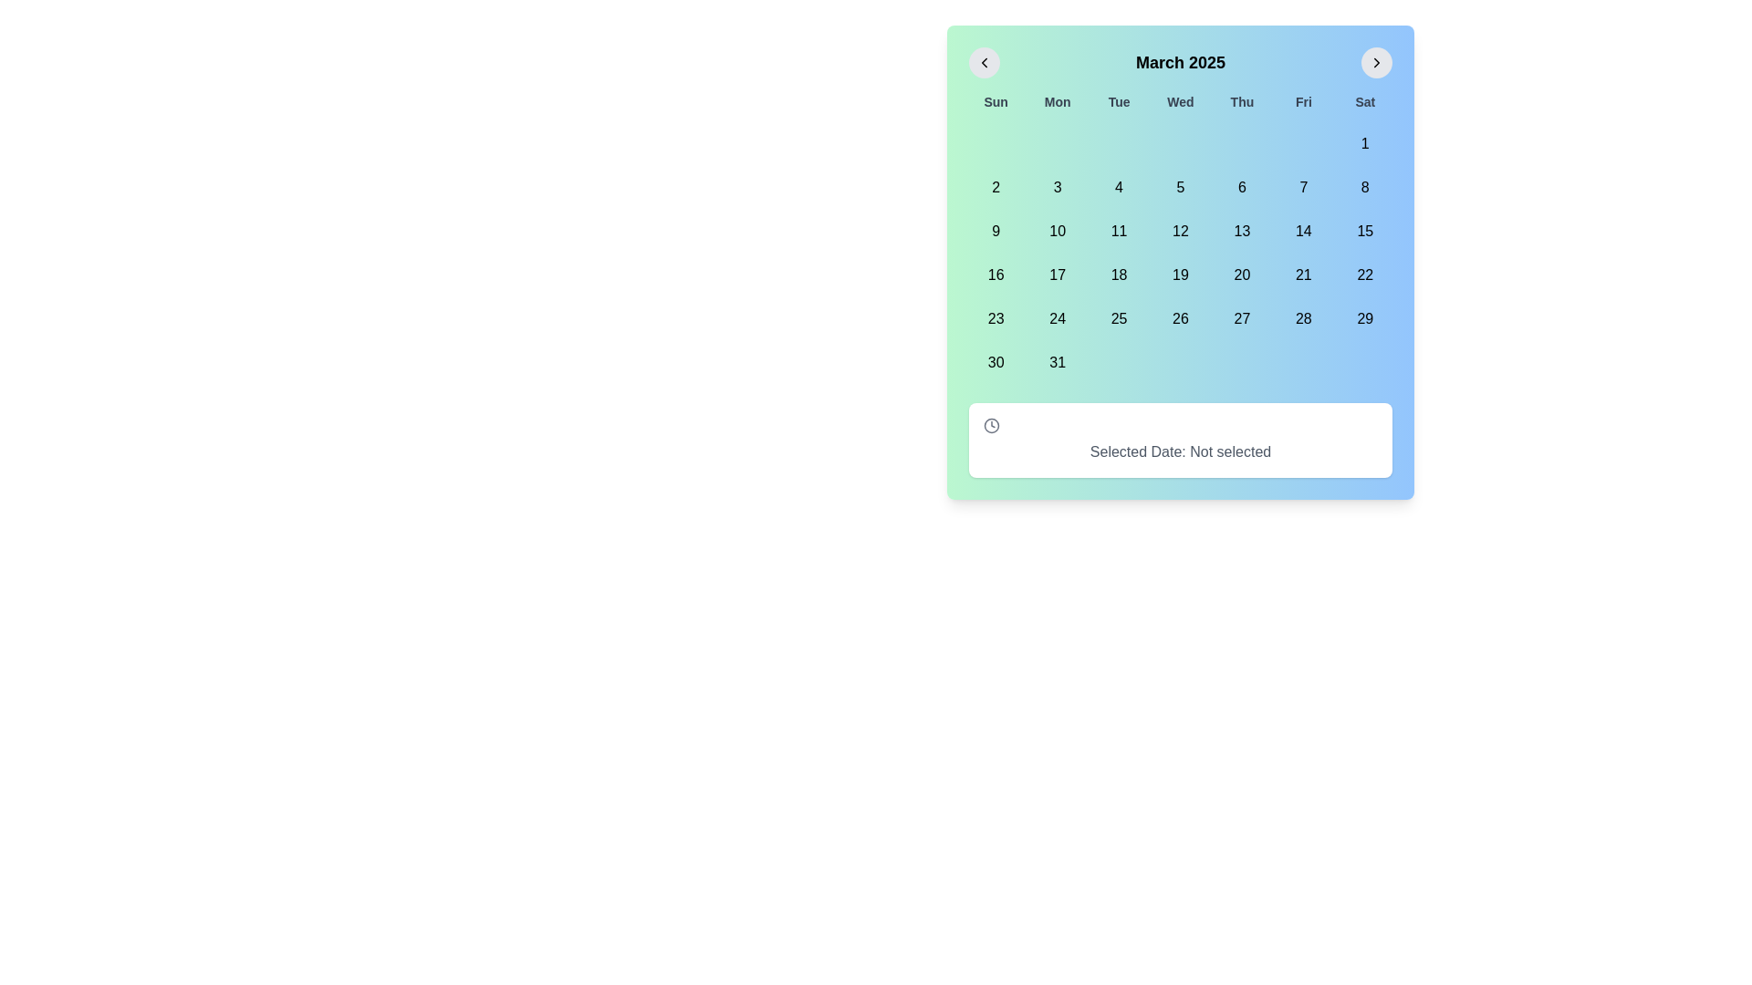 This screenshot has width=1752, height=985. Describe the element at coordinates (1058, 187) in the screenshot. I see `the button representing the date 3` at that location.